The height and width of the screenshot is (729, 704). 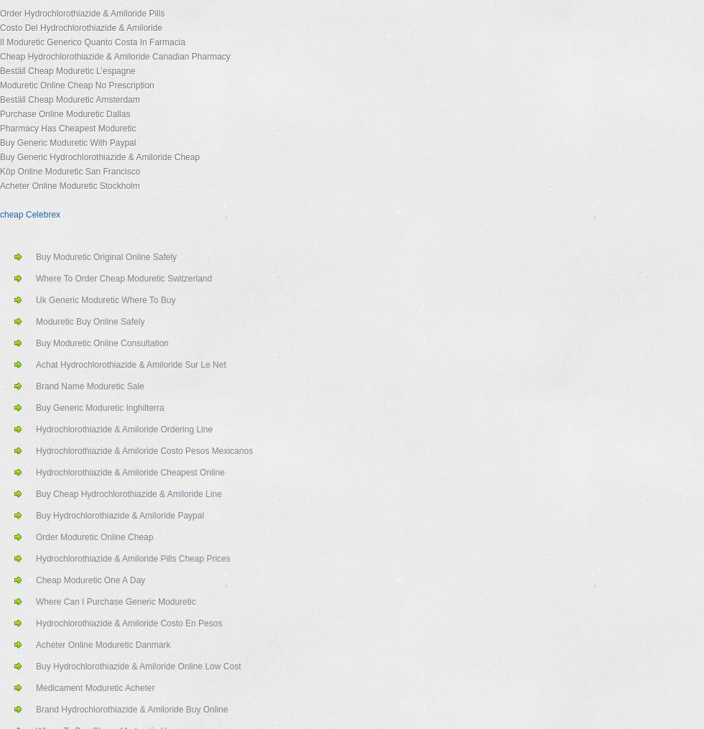 What do you see at coordinates (99, 157) in the screenshot?
I see `'Buy Generic Hydrochlorothiazide & Amiloride  Cheap'` at bounding box center [99, 157].